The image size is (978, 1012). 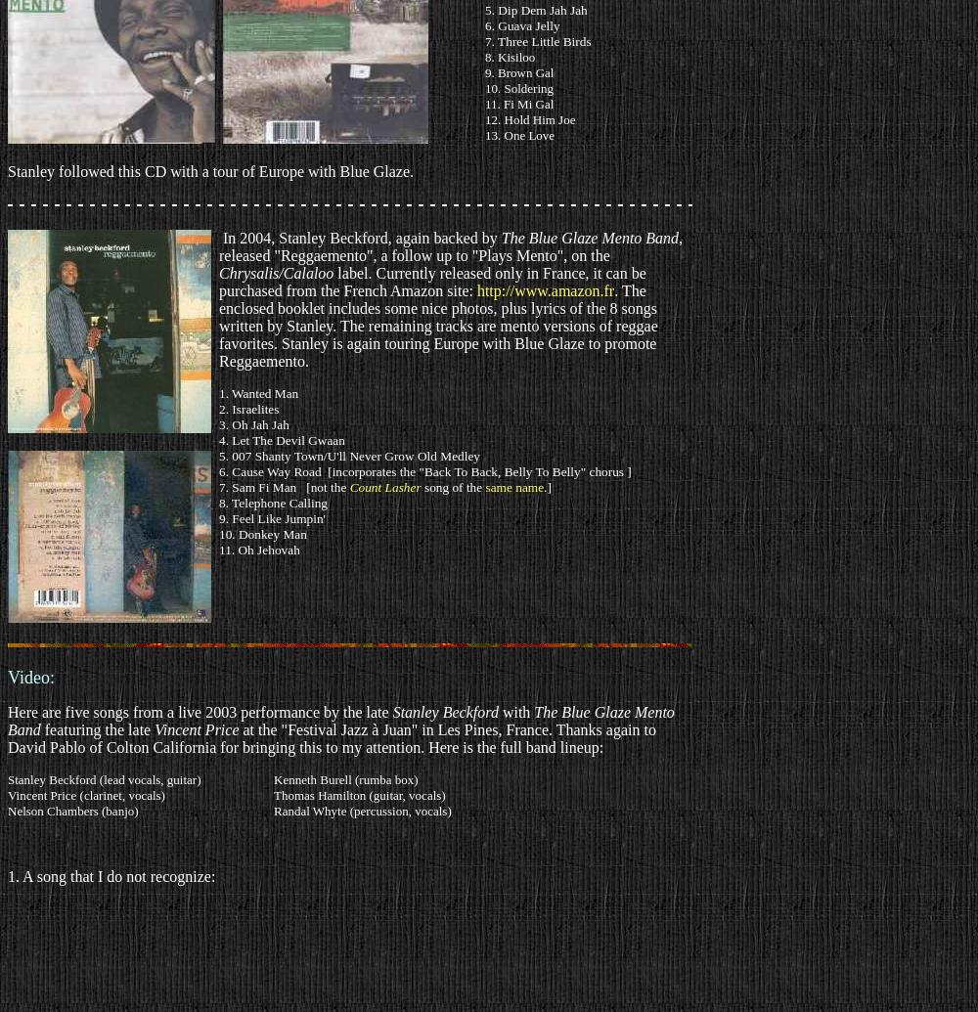 What do you see at coordinates (545, 290) in the screenshot?
I see `'http://www.amazon.fr'` at bounding box center [545, 290].